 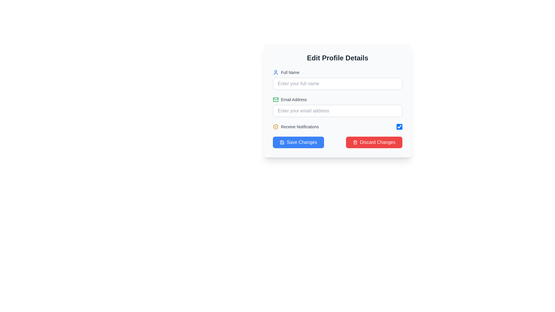 What do you see at coordinates (282, 142) in the screenshot?
I see `the 'Save Changes' button, which contains the icon that visually reinforces the button's action` at bounding box center [282, 142].